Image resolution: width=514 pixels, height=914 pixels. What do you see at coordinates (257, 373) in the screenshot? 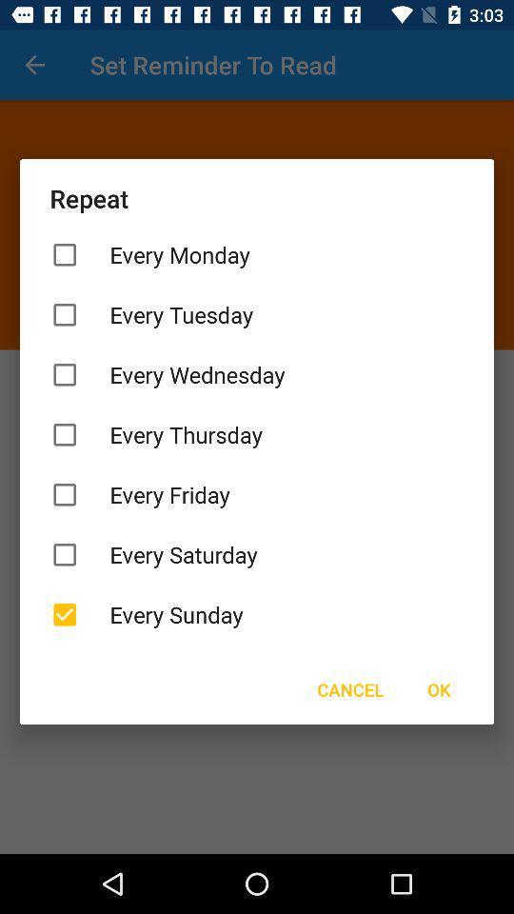
I see `the every wednesday` at bounding box center [257, 373].